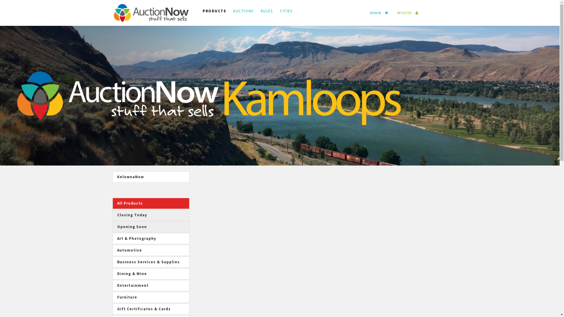  Describe the element at coordinates (380, 13) in the screenshot. I see `'SIGN IN  '` at that location.